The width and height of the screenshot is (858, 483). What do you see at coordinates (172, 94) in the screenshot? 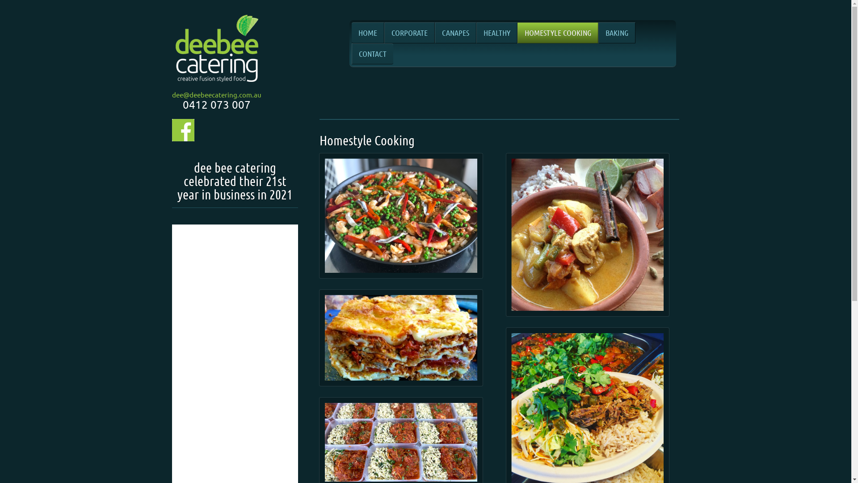
I see `'dee@deebeecatering.com.au'` at bounding box center [172, 94].